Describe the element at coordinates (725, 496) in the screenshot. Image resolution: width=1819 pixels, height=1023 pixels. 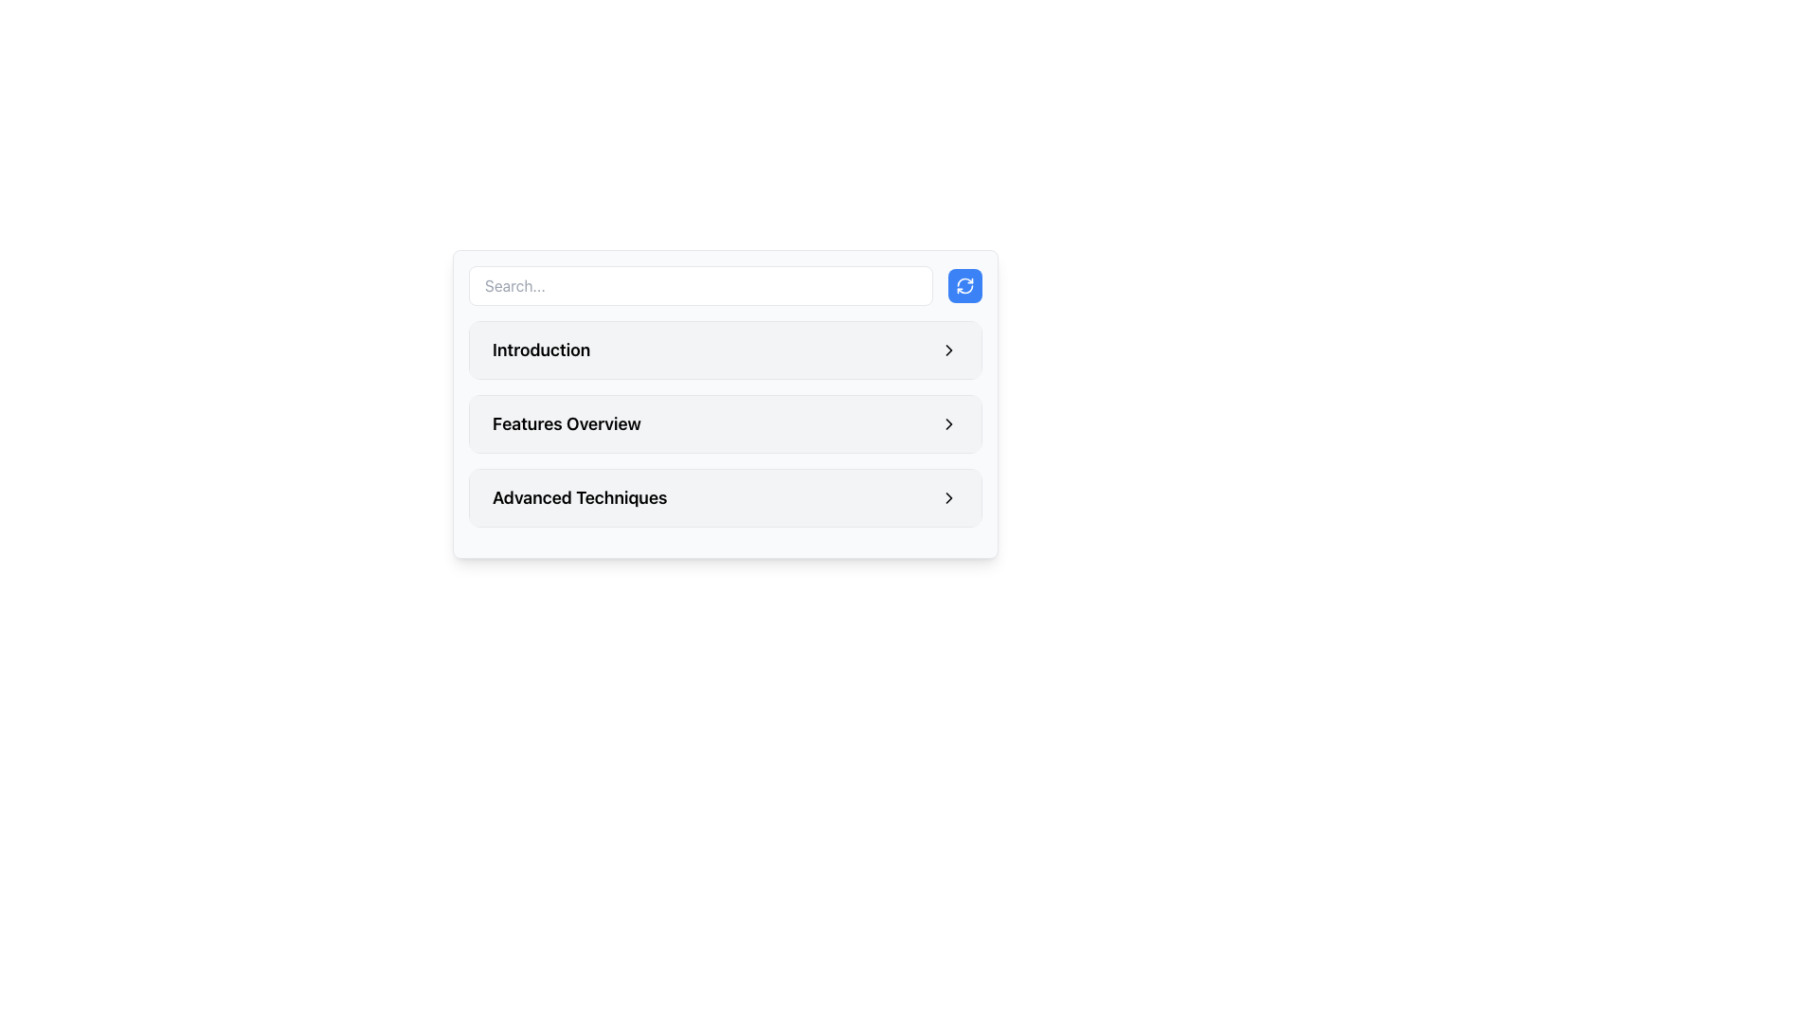
I see `the navigation button located at the bottom of the vertical stack of buttons to proceed to the 'Advanced Techniques' section` at that location.